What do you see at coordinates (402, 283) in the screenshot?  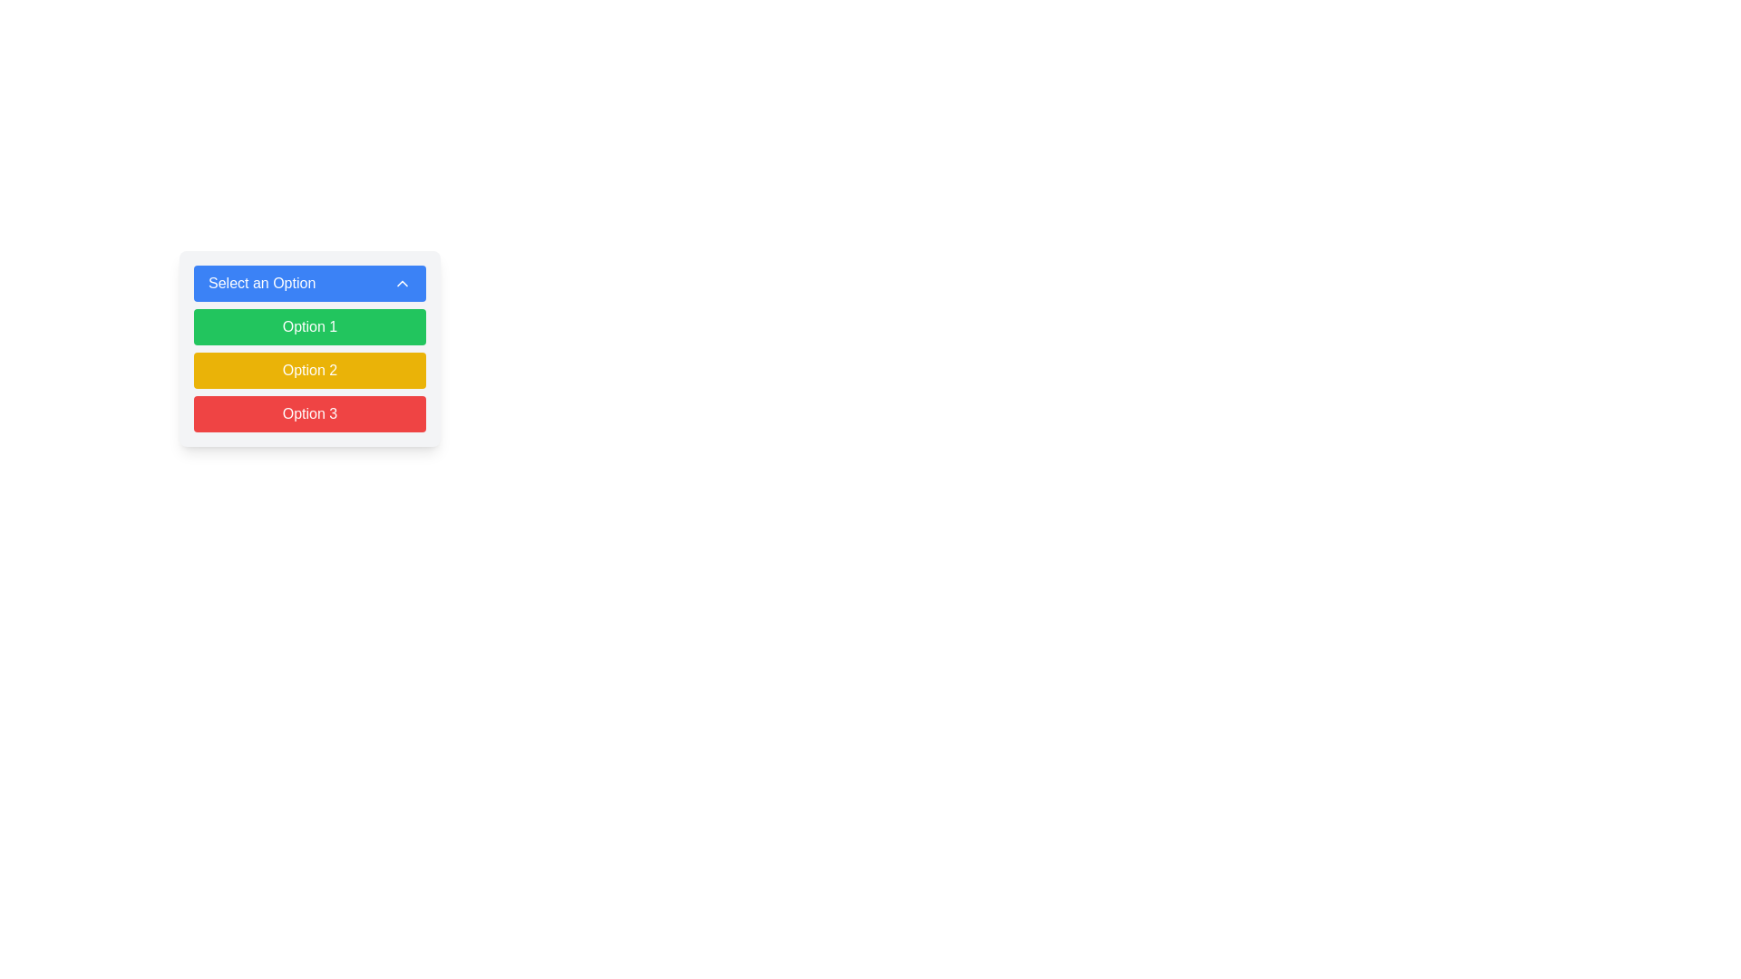 I see `the chevron button located on the rightmost side of the 'Select an Option' button` at bounding box center [402, 283].